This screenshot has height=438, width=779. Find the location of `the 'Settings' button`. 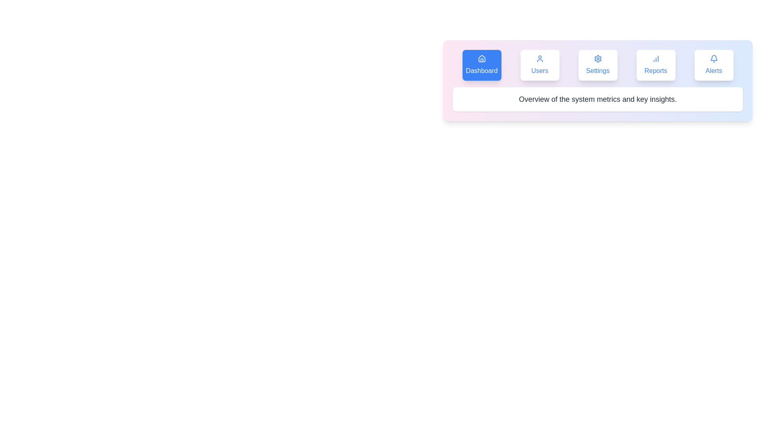

the 'Settings' button is located at coordinates (598, 65).